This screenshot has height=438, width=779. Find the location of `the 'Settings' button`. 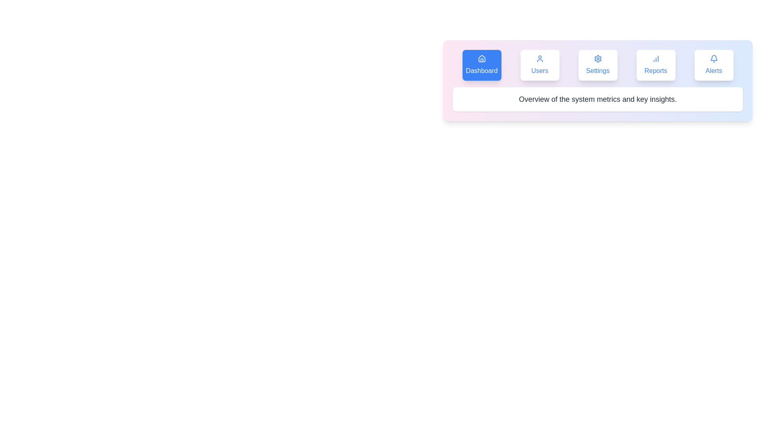

the 'Settings' button is located at coordinates (598, 65).